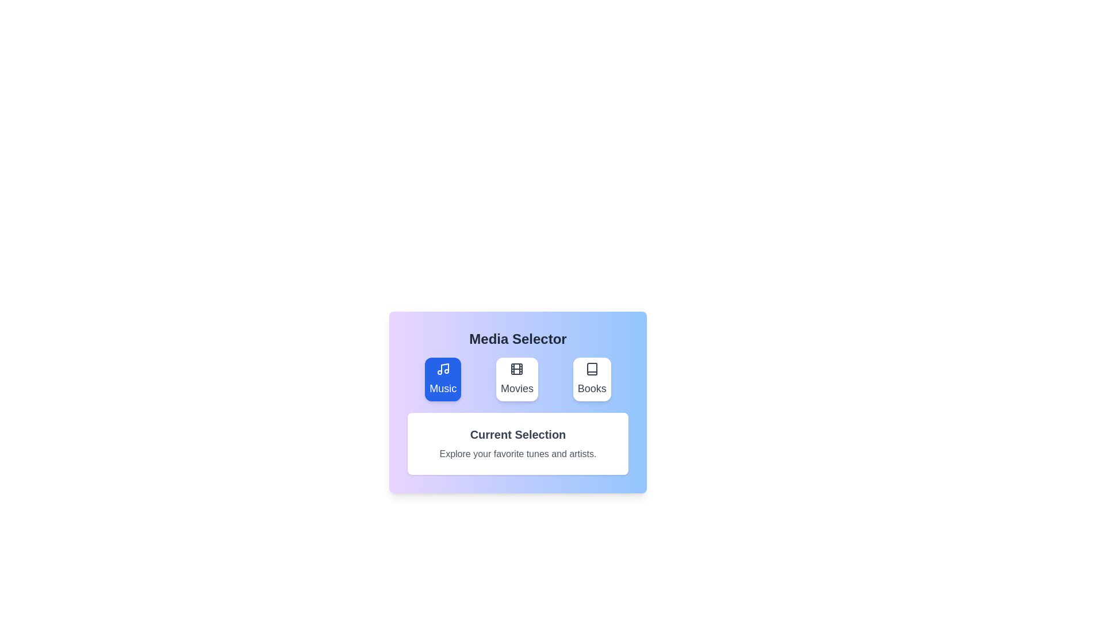 The width and height of the screenshot is (1104, 621). Describe the element at coordinates (516, 388) in the screenshot. I see `the 'Movies' category label, which is located below the movie reel icon within the second button of the 'Media Selector' section` at that location.